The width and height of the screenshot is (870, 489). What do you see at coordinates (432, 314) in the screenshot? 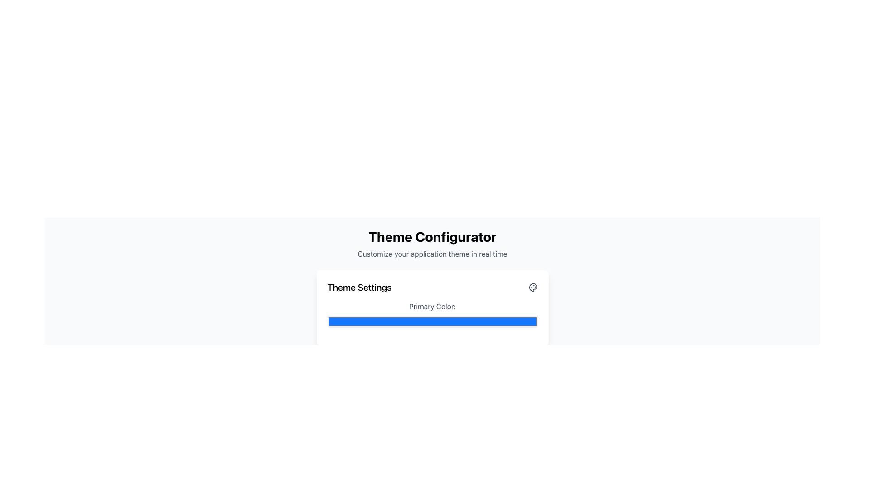
I see `the color input field in the 'Theme Settings' panel` at bounding box center [432, 314].